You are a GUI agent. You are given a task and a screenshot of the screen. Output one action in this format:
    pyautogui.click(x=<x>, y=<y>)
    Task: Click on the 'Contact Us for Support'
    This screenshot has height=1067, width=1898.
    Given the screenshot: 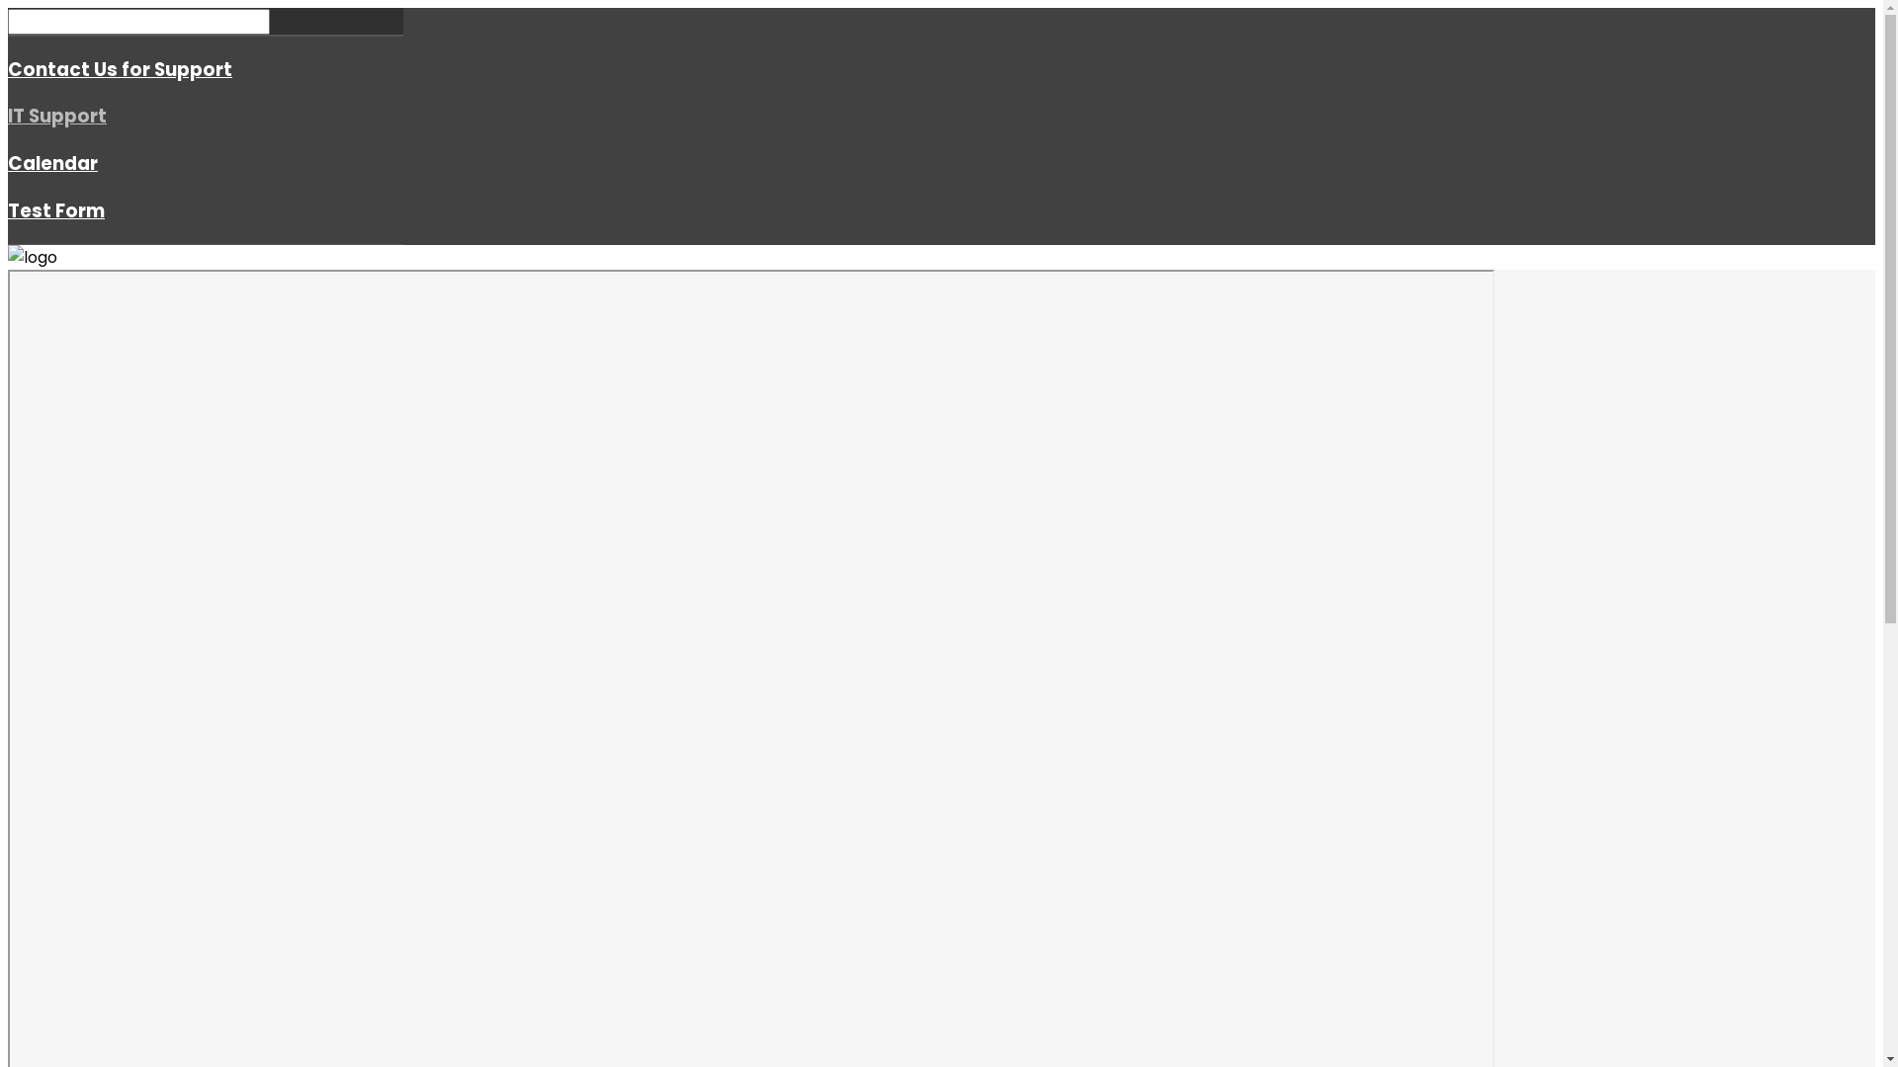 What is the action you would take?
    pyautogui.click(x=8, y=68)
    